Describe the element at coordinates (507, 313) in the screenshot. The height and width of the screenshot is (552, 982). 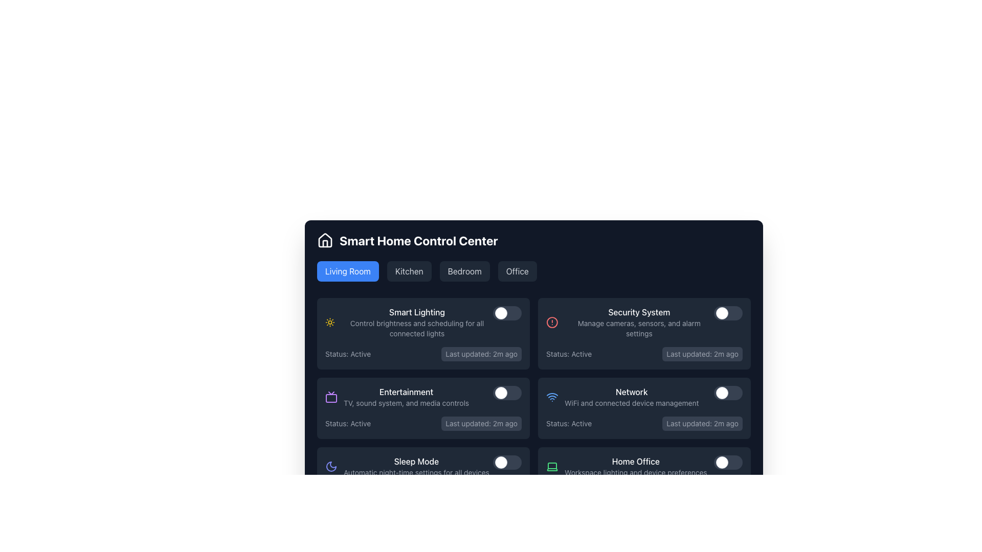
I see `the toggle switch for the 'Smart Lighting' feature to switch its state between on and off` at that location.